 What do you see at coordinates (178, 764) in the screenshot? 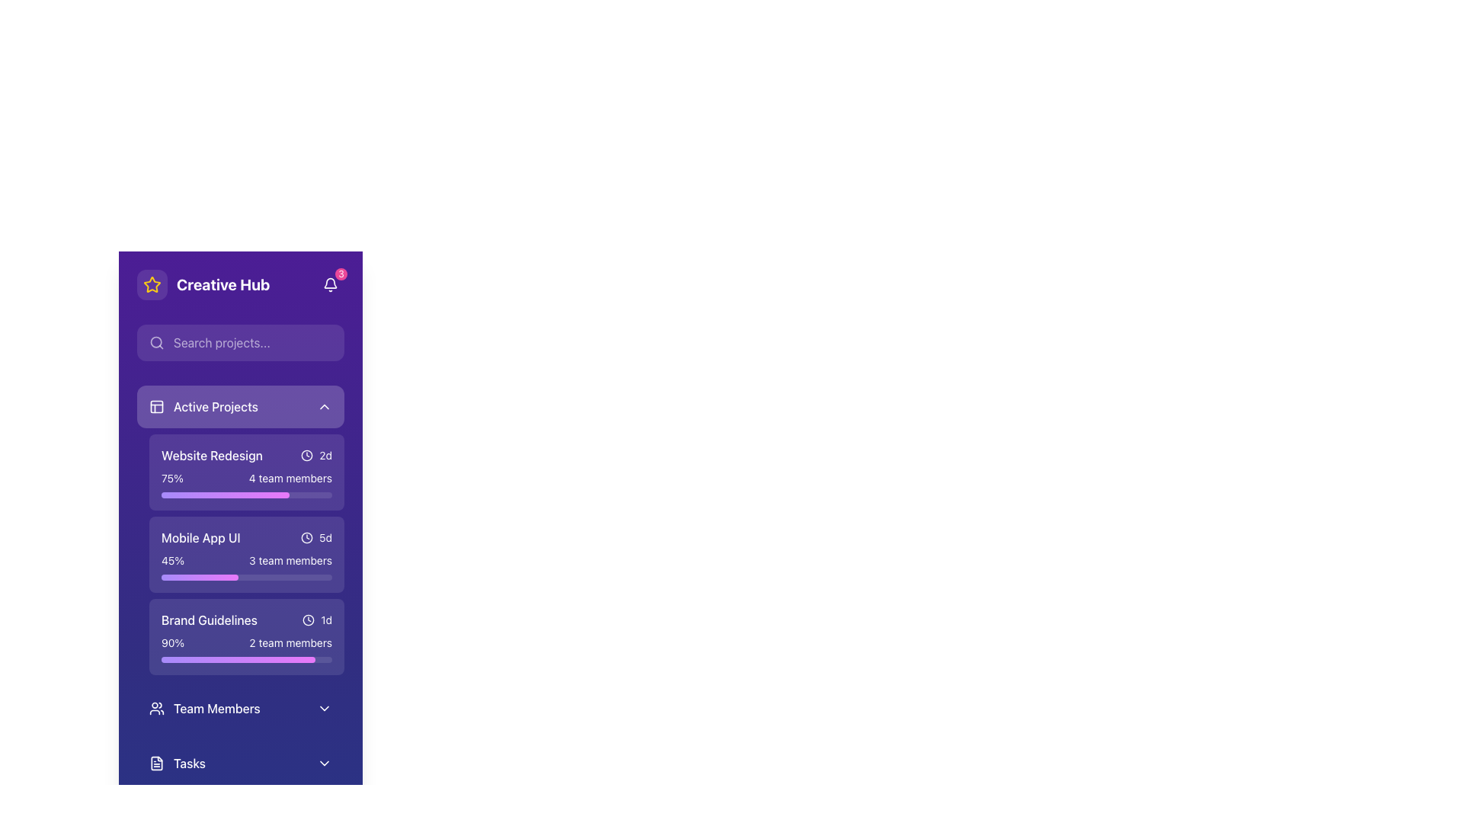
I see `the 'Tasks' button located at the bottom-left section of the interface, below the 'Team Members' entry, to prepare for keyboard interaction` at bounding box center [178, 764].